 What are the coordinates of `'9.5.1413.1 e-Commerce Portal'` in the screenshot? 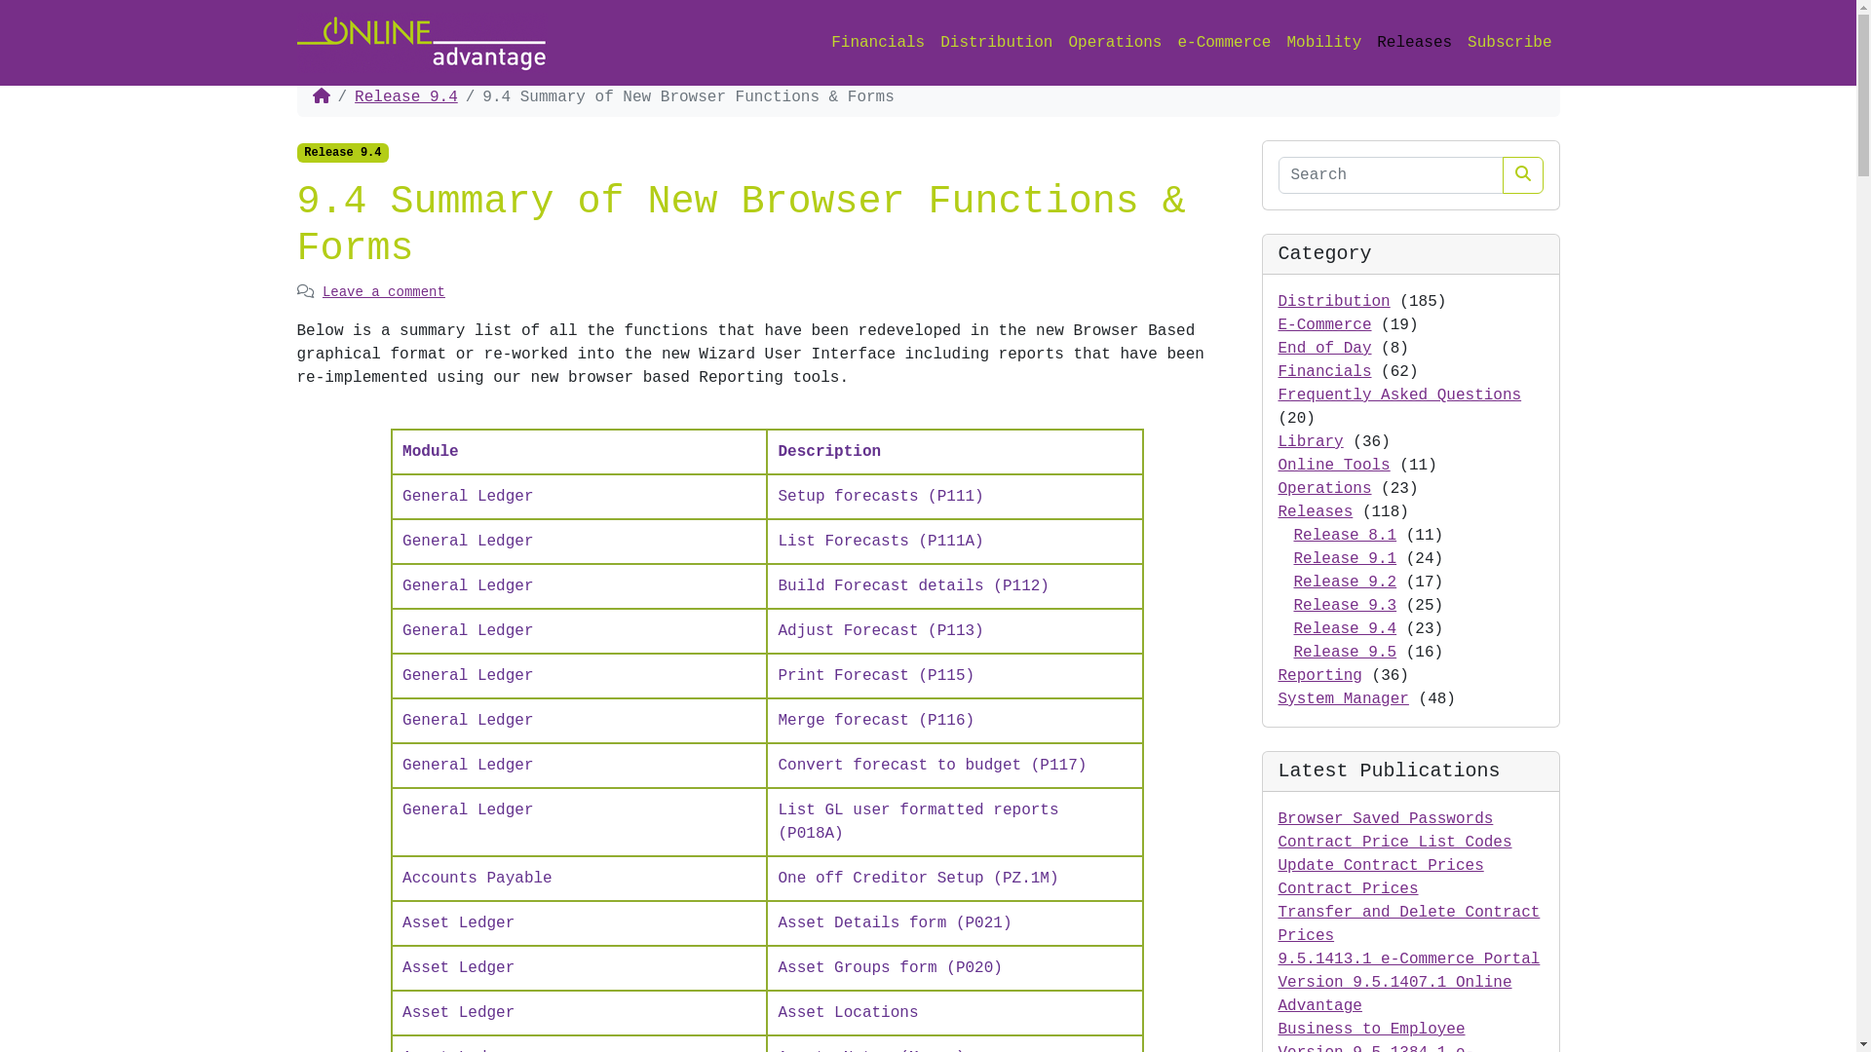 It's located at (1278, 958).